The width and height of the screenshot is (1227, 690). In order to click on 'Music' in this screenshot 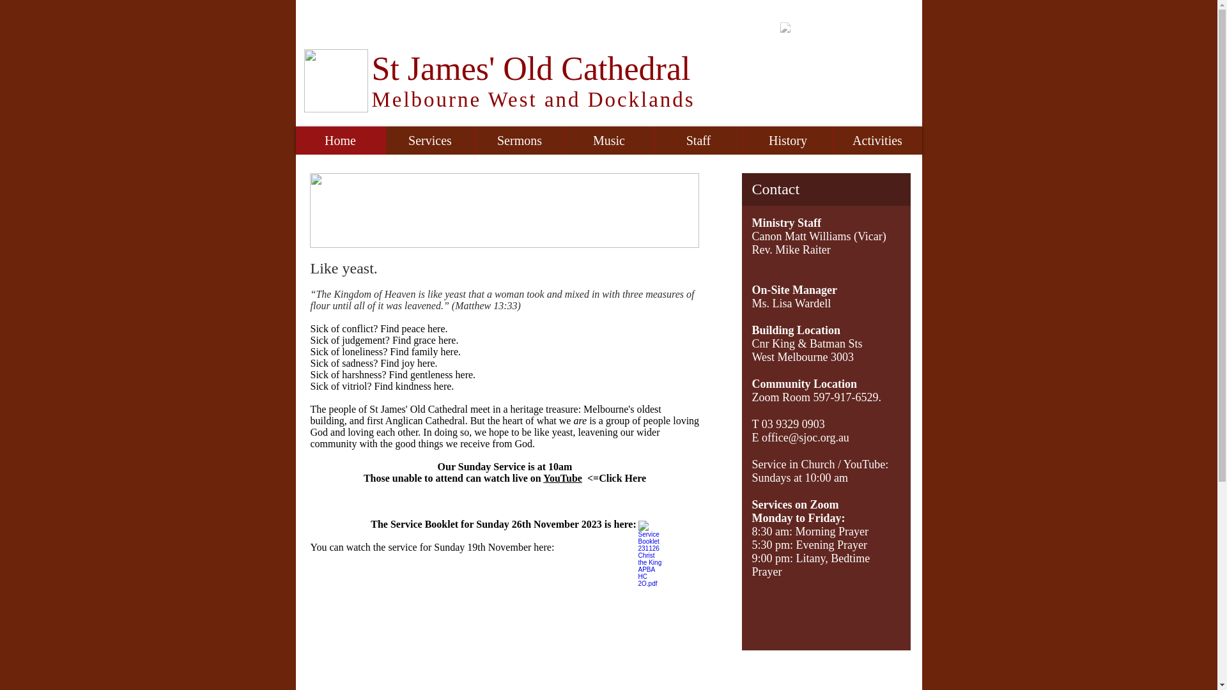, I will do `click(607, 140)`.